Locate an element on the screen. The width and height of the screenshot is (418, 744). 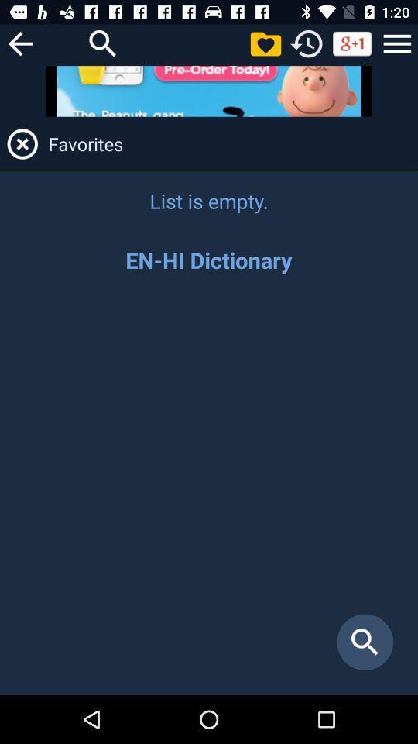
a magnifying glass to use for searching is located at coordinates (103, 43).